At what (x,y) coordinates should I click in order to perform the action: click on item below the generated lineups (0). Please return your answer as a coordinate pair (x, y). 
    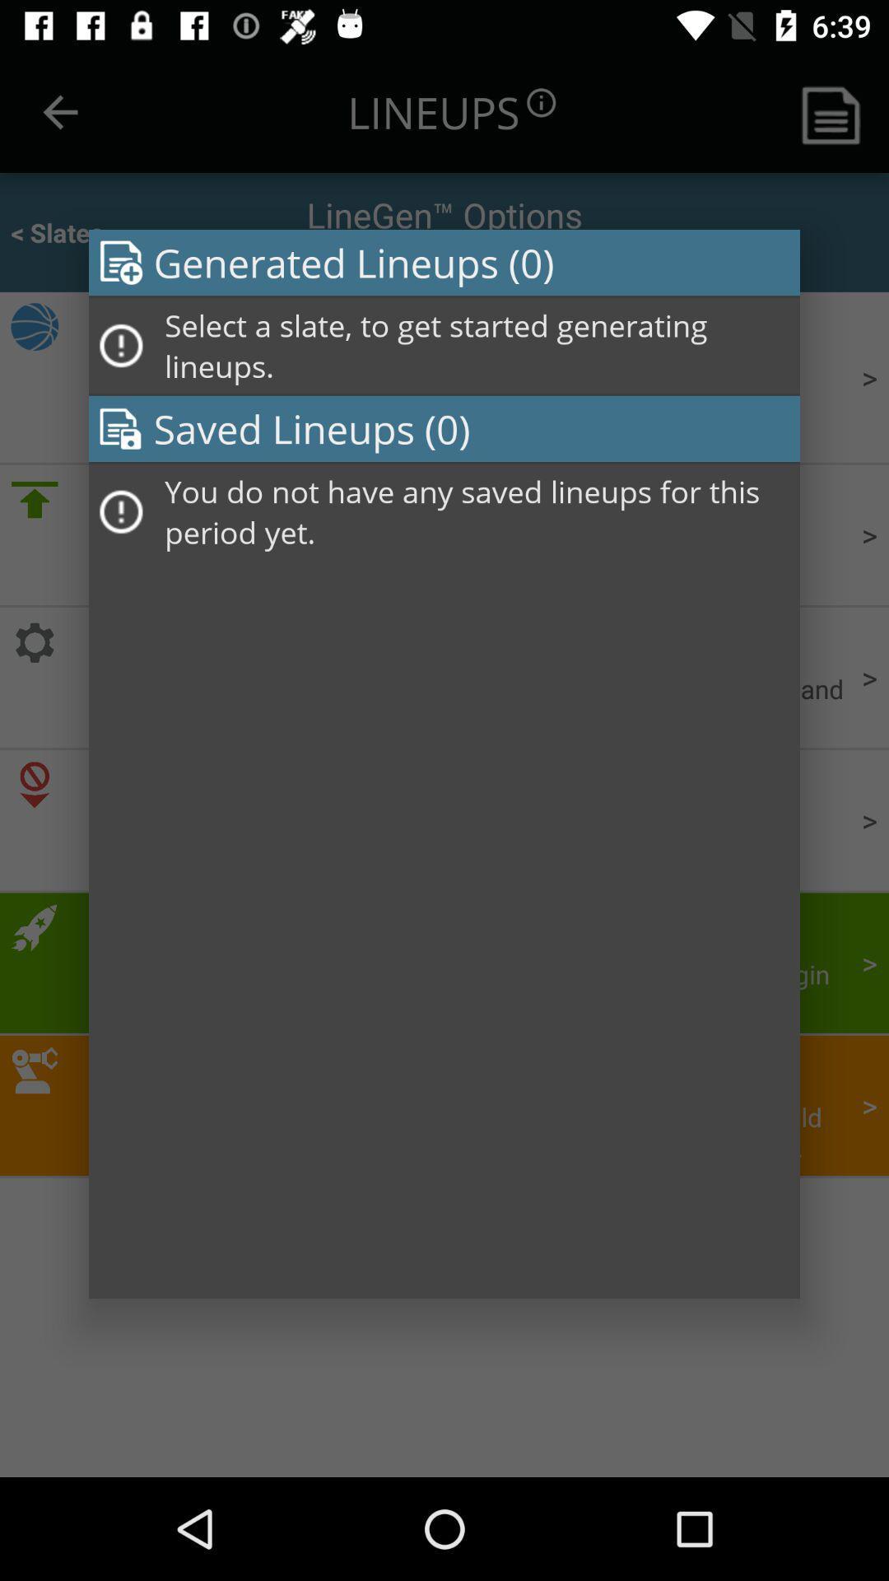
    Looking at the image, I should click on (477, 345).